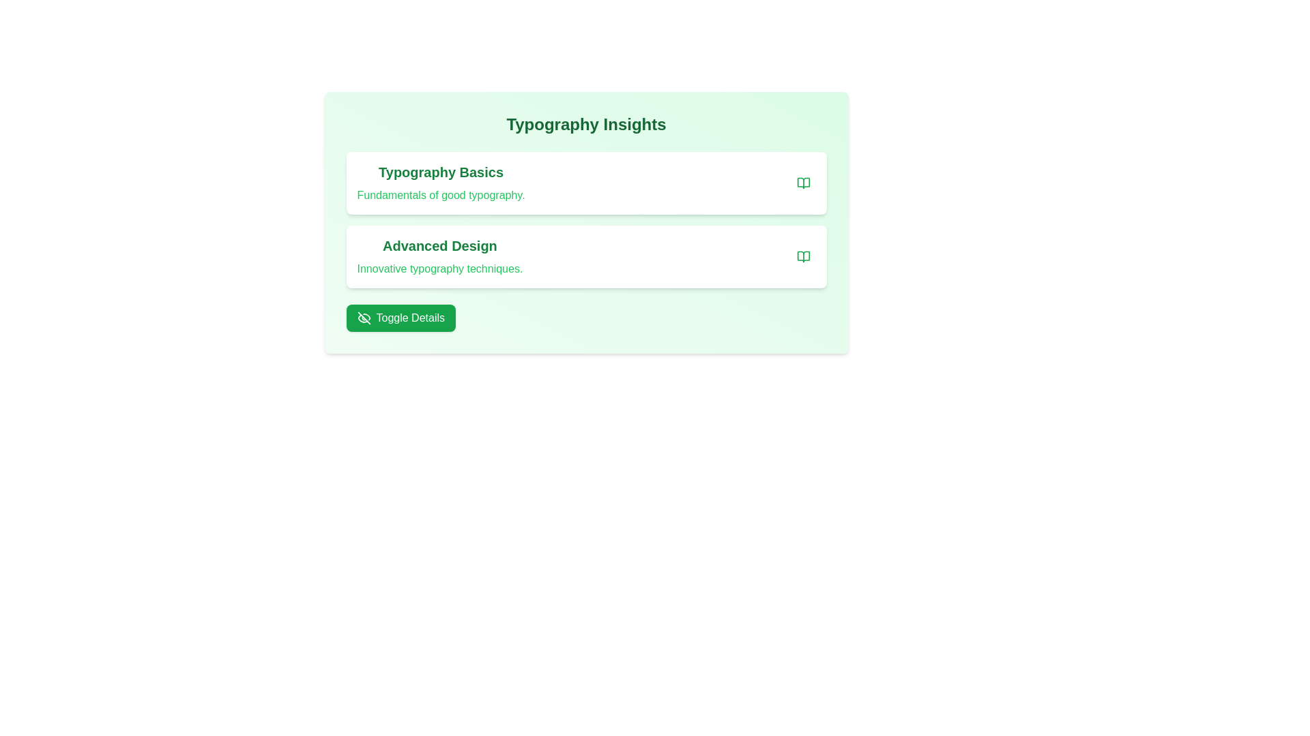 The width and height of the screenshot is (1310, 736). I want to click on text component displaying 'Fundamentals of good typography.' styled in green, located beneath the 'Typography Basics' heading in the first card of the list, so click(441, 195).